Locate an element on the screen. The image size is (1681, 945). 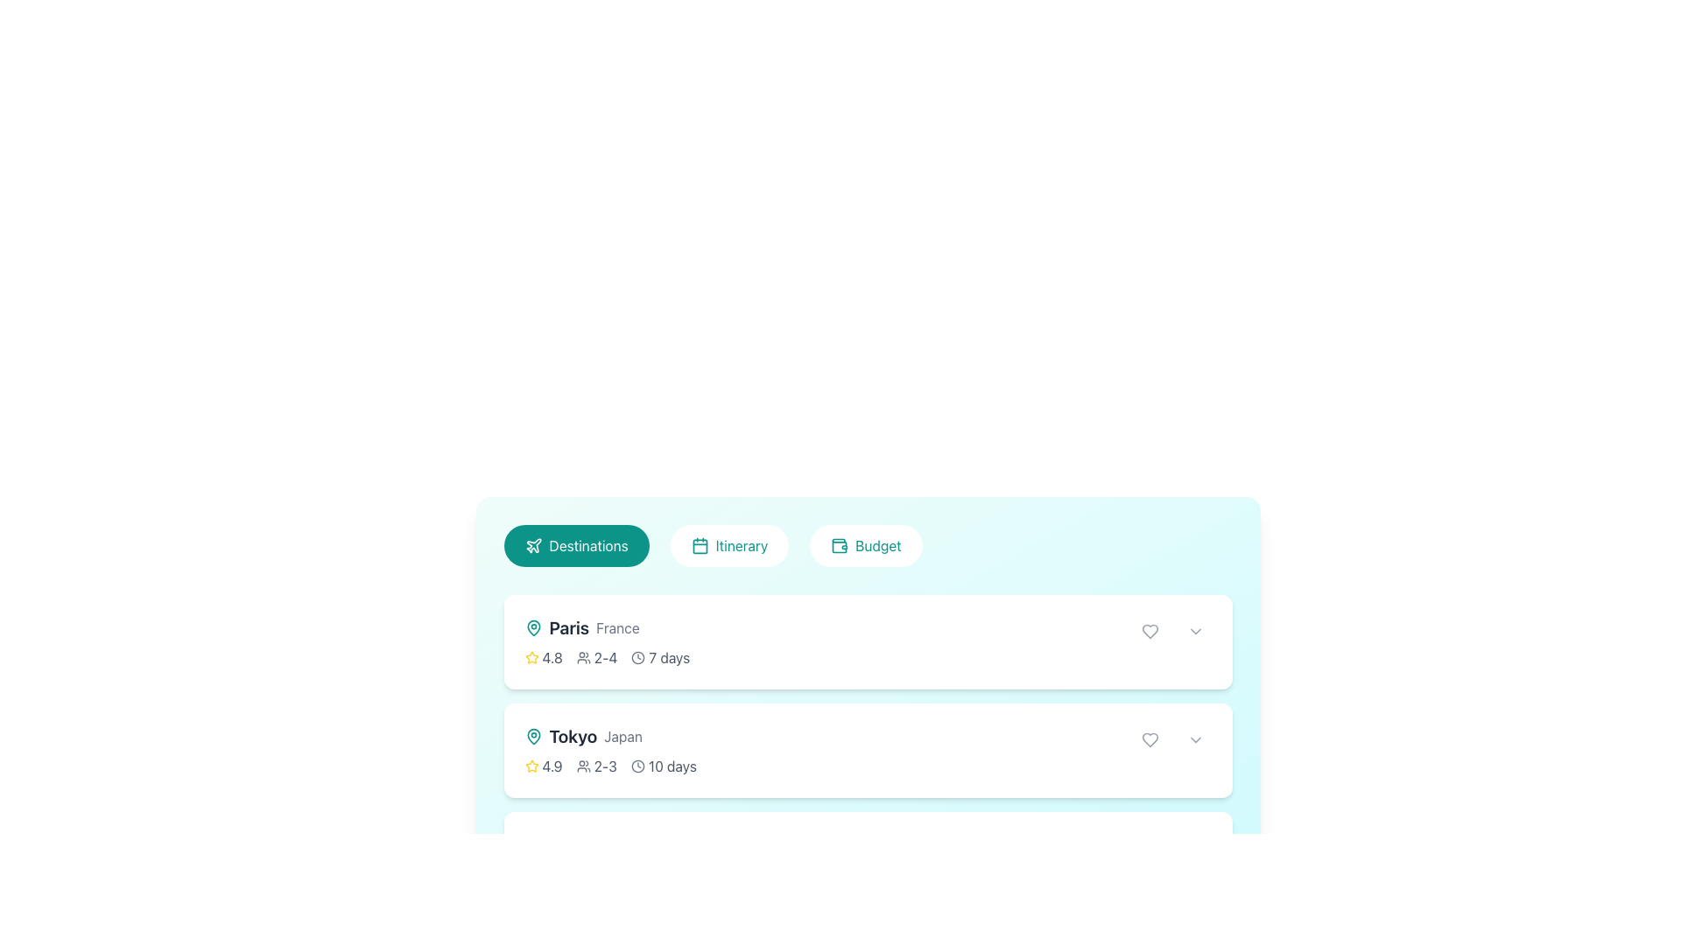
the Rating display element featuring a yellow star icon and a numerical rating of '4.9' styled in gray font, located at the top center of the card labeled 'Tokyo Japan' is located at coordinates (543, 765).